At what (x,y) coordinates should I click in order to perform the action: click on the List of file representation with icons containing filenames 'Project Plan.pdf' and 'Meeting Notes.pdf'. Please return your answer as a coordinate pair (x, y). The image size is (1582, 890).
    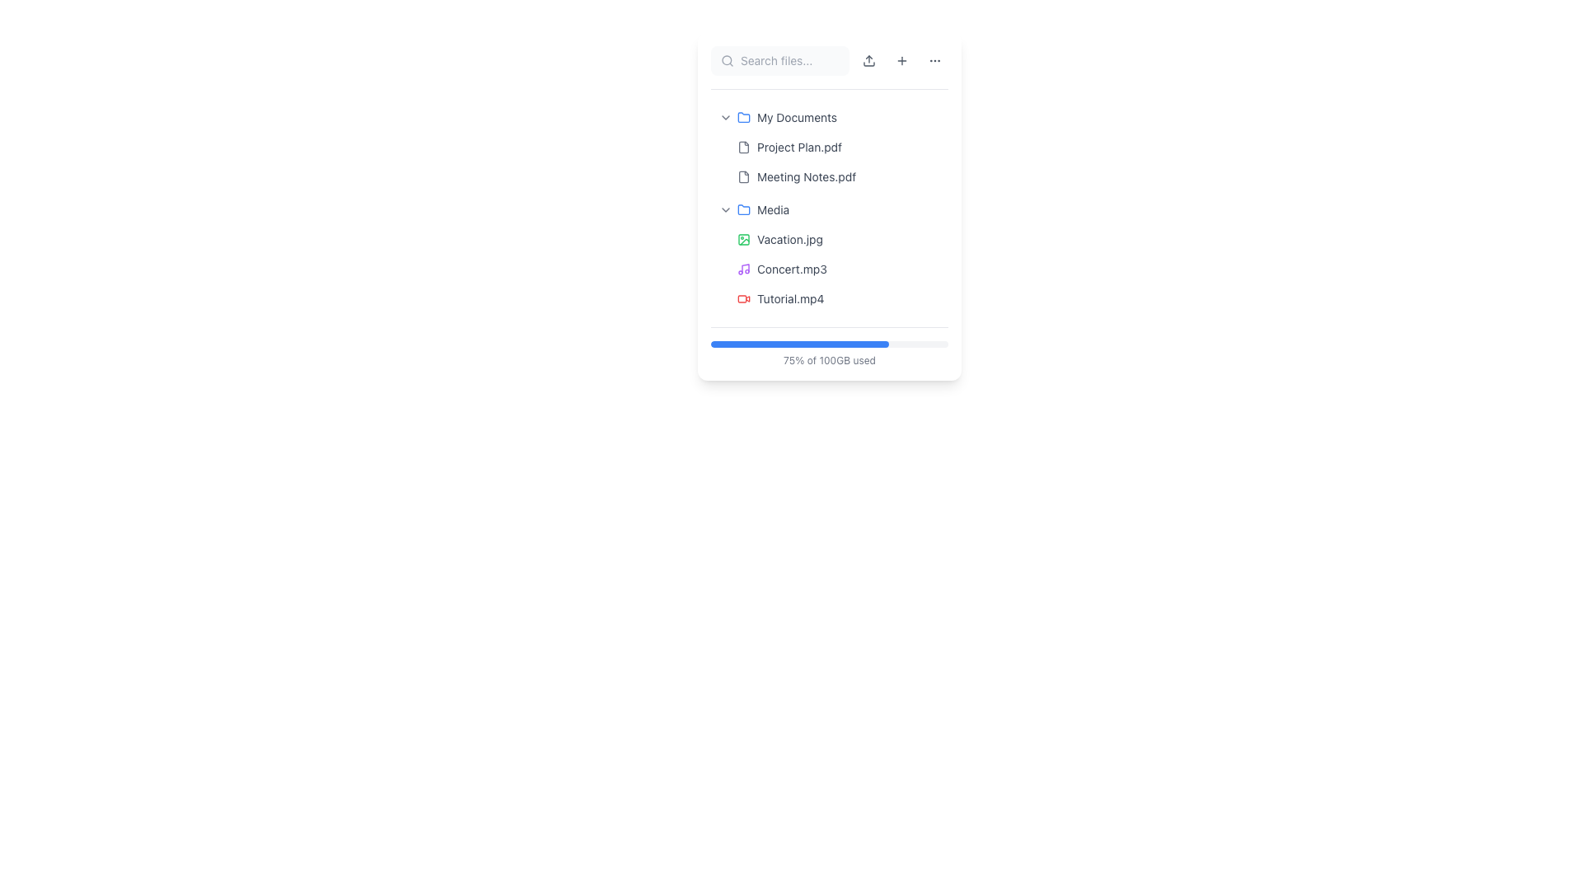
    Looking at the image, I should click on (839, 162).